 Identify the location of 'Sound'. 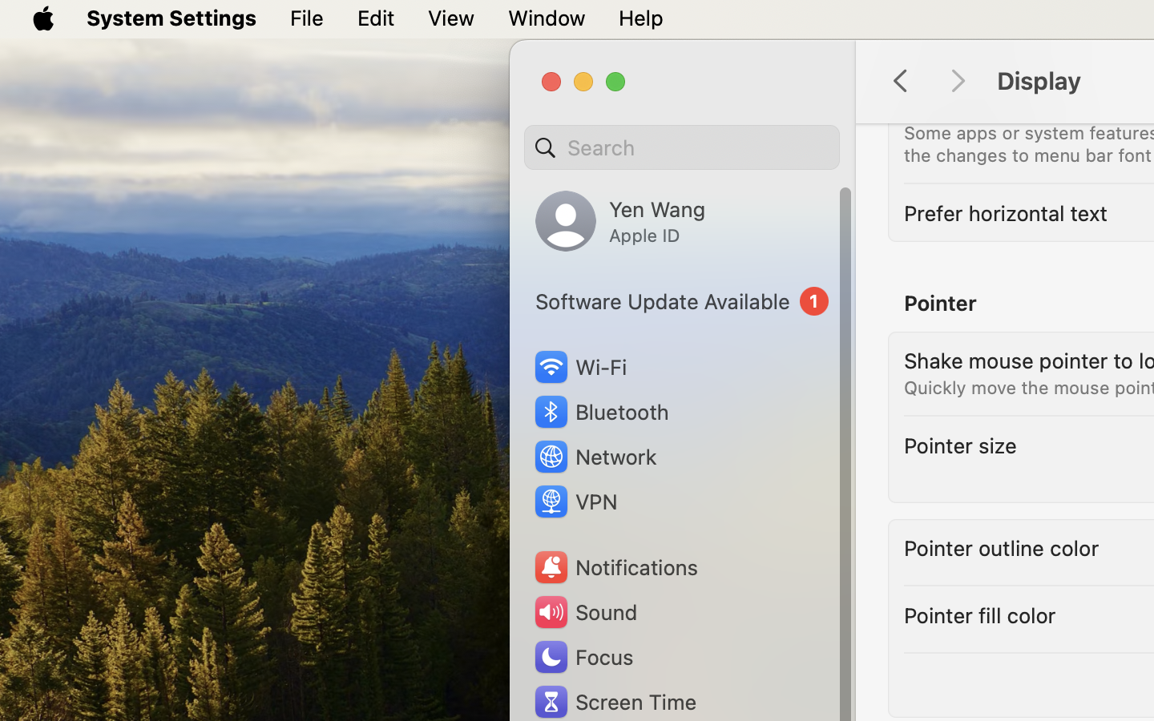
(583, 611).